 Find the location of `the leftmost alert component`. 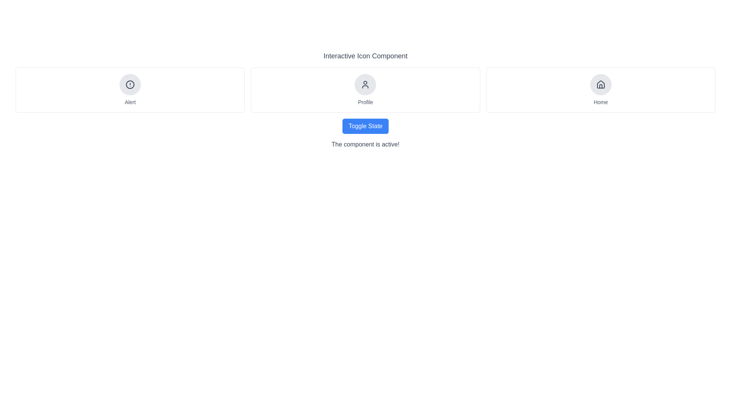

the leftmost alert component is located at coordinates (130, 89).